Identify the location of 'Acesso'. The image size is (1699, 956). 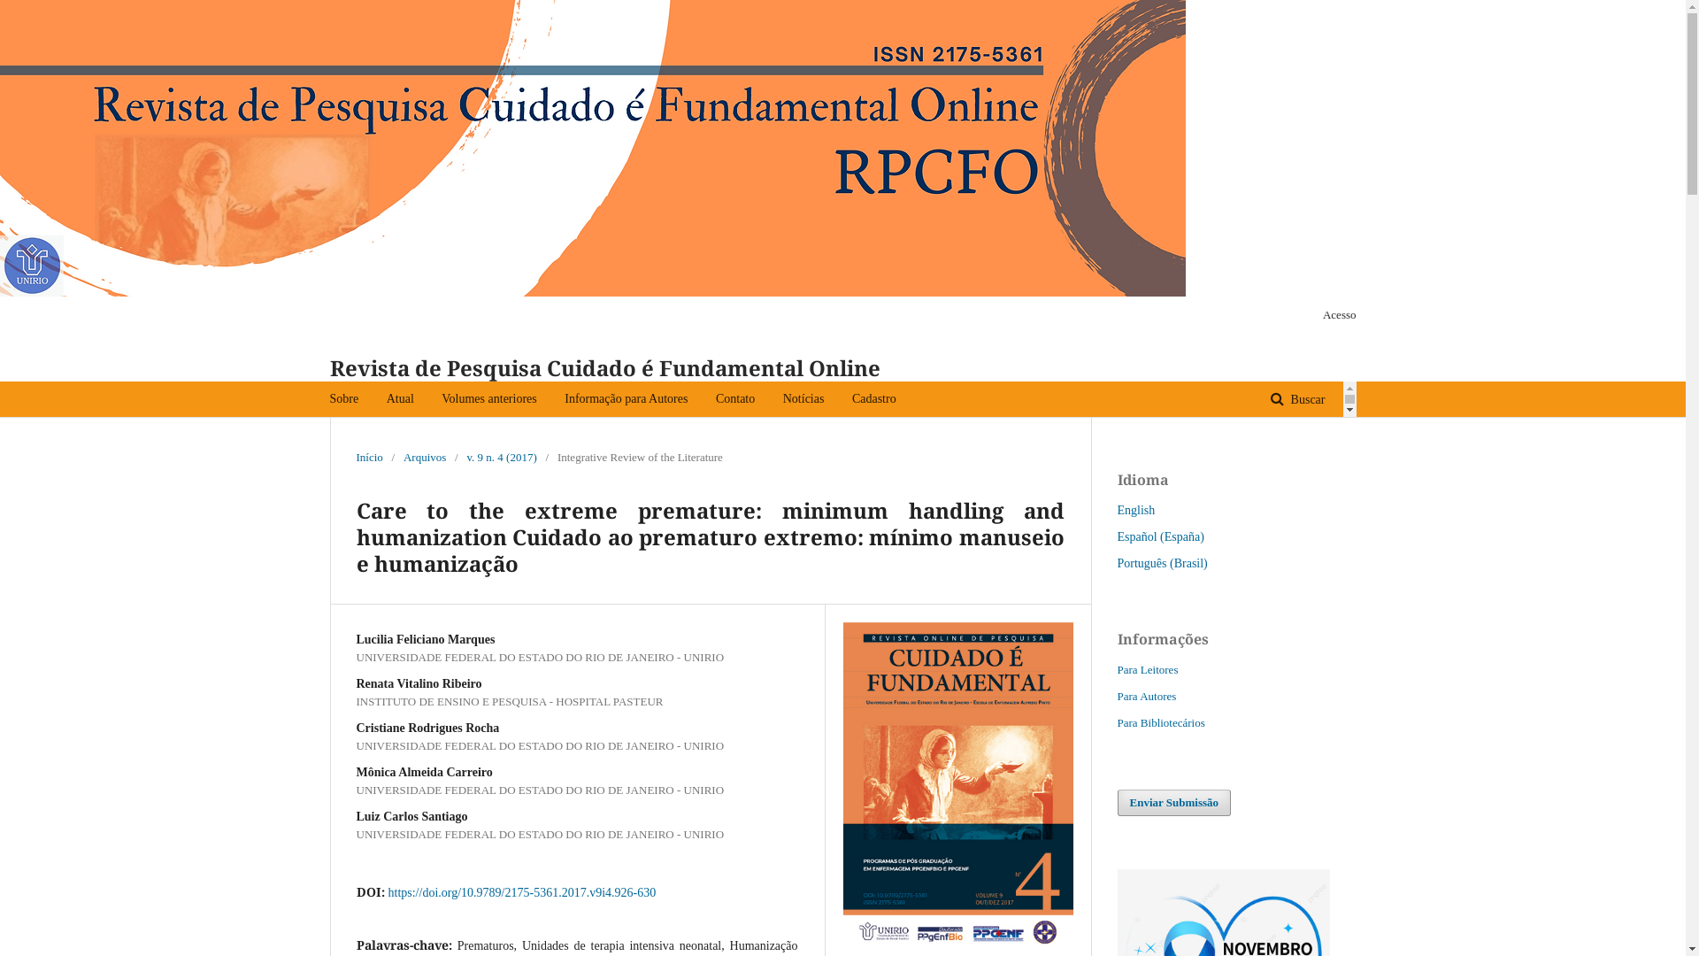
(1334, 313).